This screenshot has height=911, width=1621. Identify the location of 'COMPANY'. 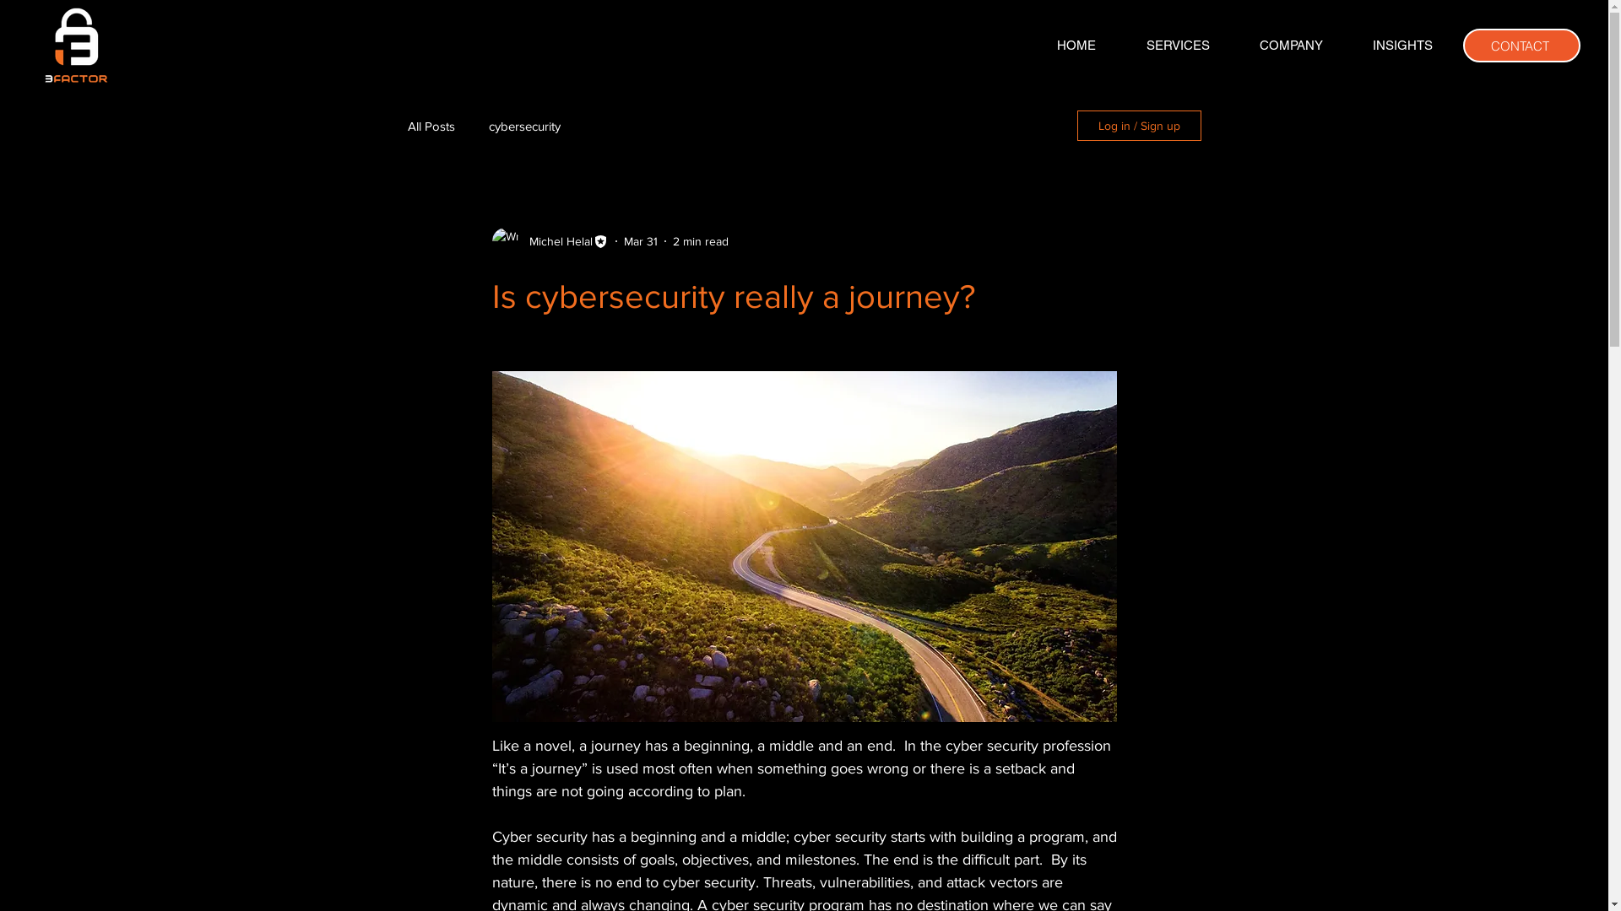
(1290, 45).